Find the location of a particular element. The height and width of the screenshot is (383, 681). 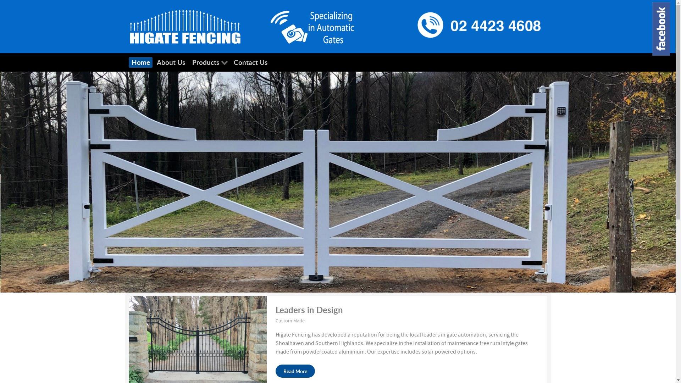

'Callisto' is located at coordinates (312, 26).